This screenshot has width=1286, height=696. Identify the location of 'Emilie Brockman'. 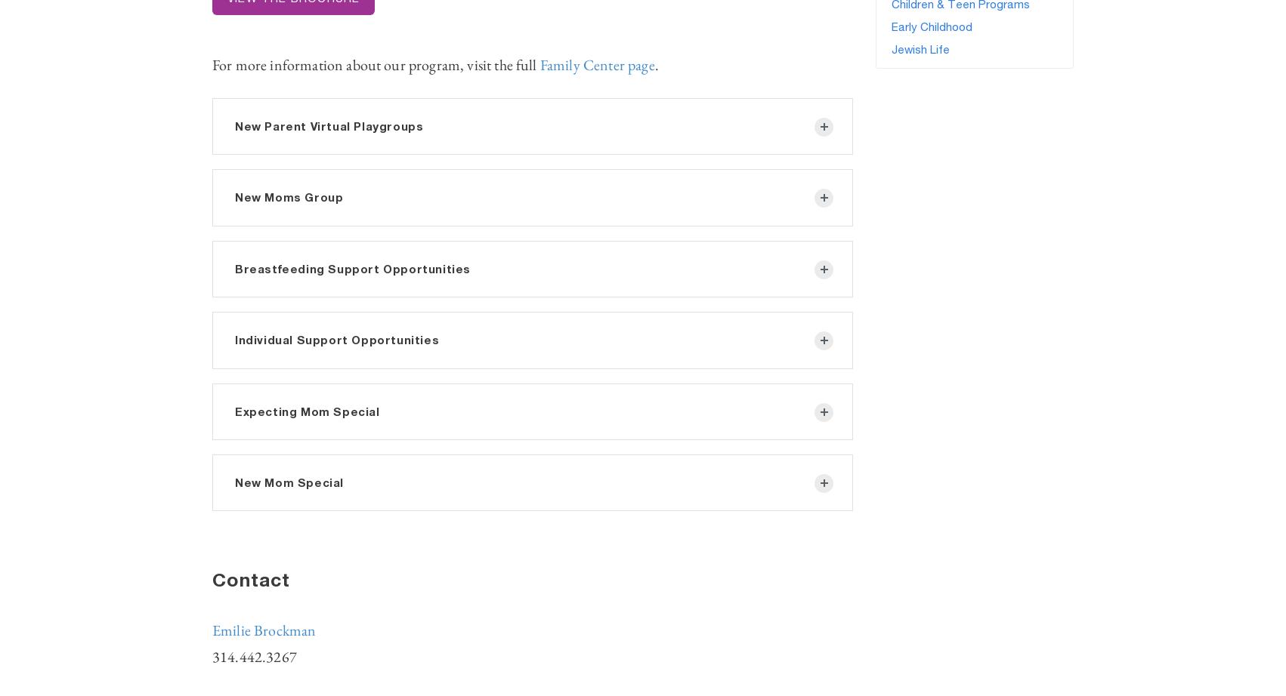
(264, 629).